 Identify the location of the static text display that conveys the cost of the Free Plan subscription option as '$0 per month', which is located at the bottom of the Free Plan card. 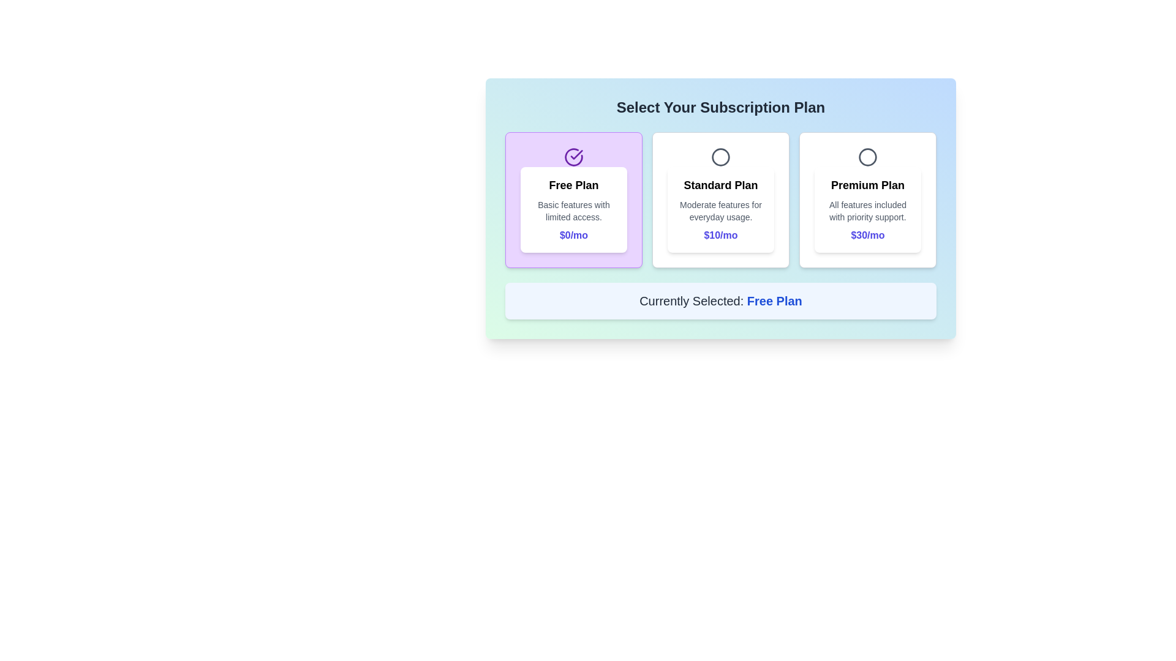
(573, 236).